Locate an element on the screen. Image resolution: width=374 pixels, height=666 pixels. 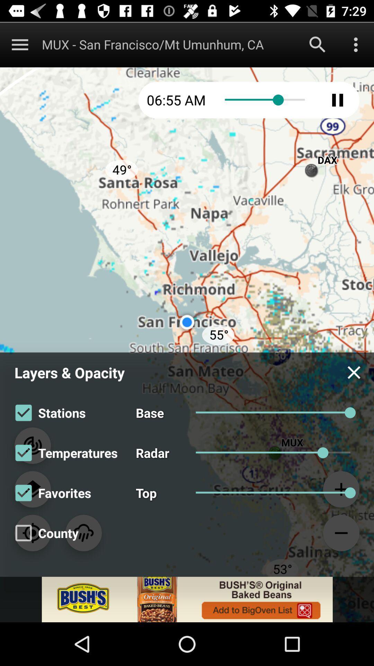
the search icon is located at coordinates (318, 44).